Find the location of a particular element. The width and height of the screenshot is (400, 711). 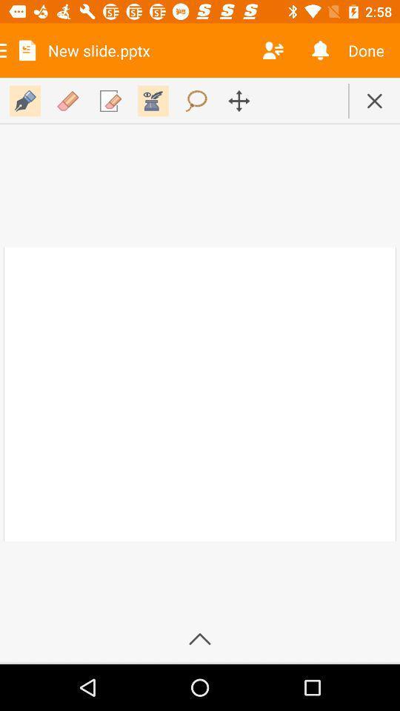

the swap icon is located at coordinates (239, 100).